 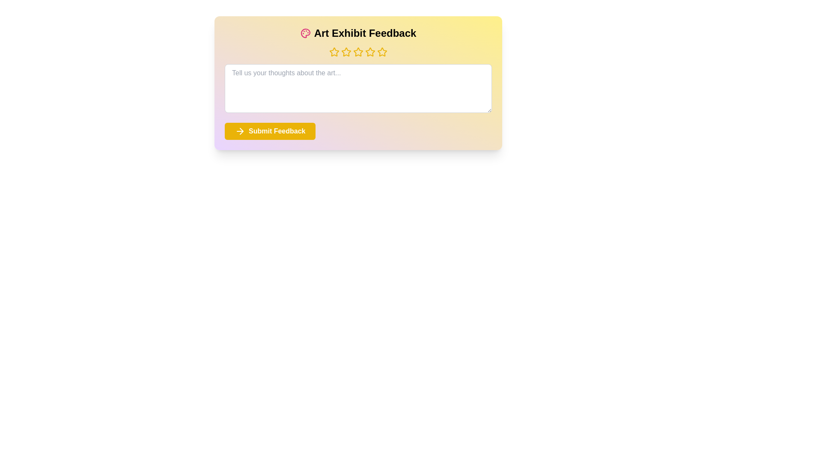 I want to click on the star rating to 4 stars by clicking on the corresponding star, so click(x=370, y=52).